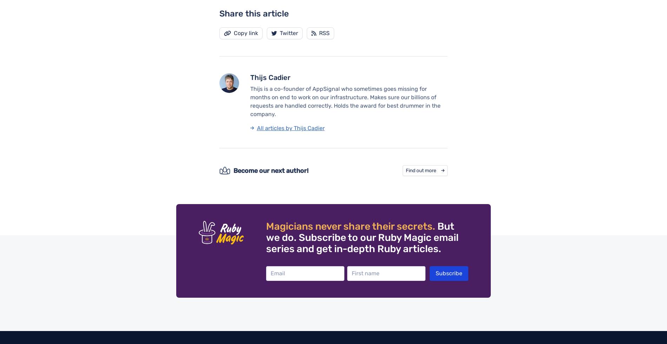 The image size is (667, 344). What do you see at coordinates (233, 170) in the screenshot?
I see `'Become our next author!'` at bounding box center [233, 170].